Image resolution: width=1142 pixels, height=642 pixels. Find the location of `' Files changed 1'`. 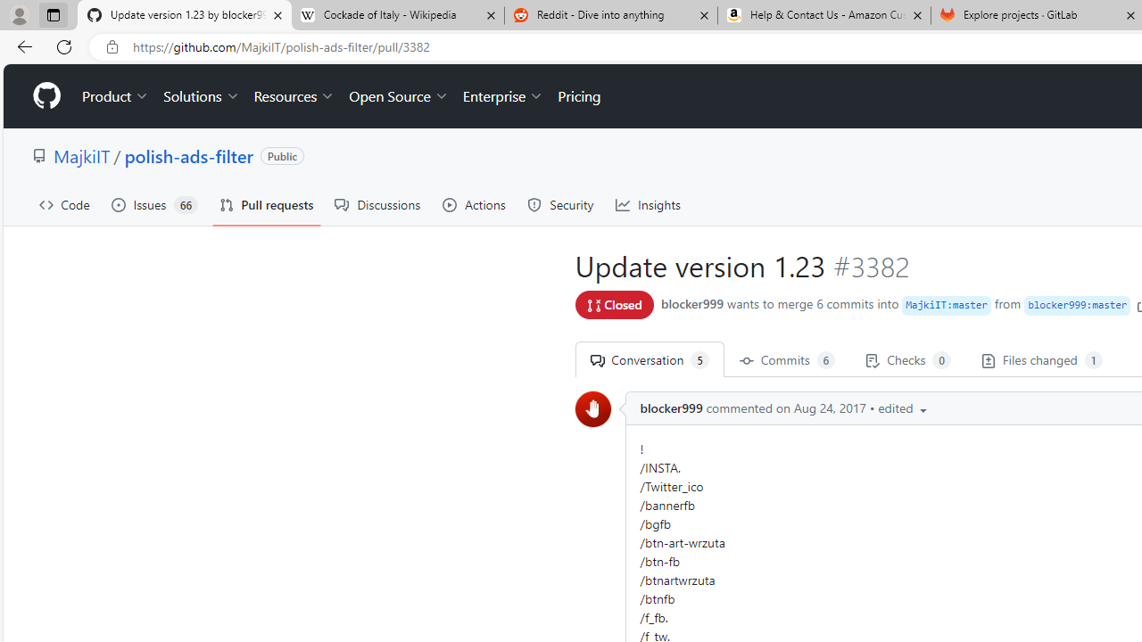

' Files changed 1' is located at coordinates (1041, 359).